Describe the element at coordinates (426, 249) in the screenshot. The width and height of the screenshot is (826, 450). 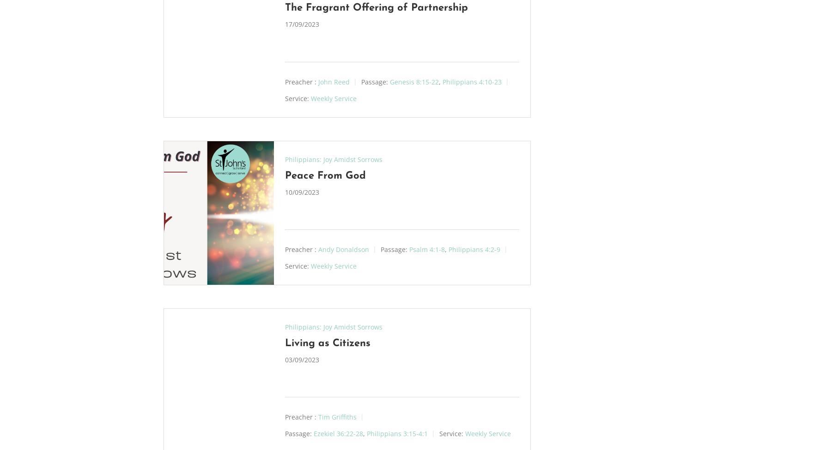
I see `'Psalm 4:1-8'` at that location.